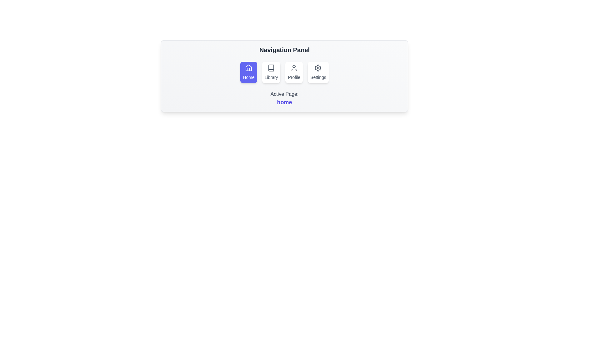 The height and width of the screenshot is (337, 600). Describe the element at coordinates (271, 68) in the screenshot. I see `the 'Library' icon button located between the 'Home' and 'Profile' icons in the navigation panel` at that location.